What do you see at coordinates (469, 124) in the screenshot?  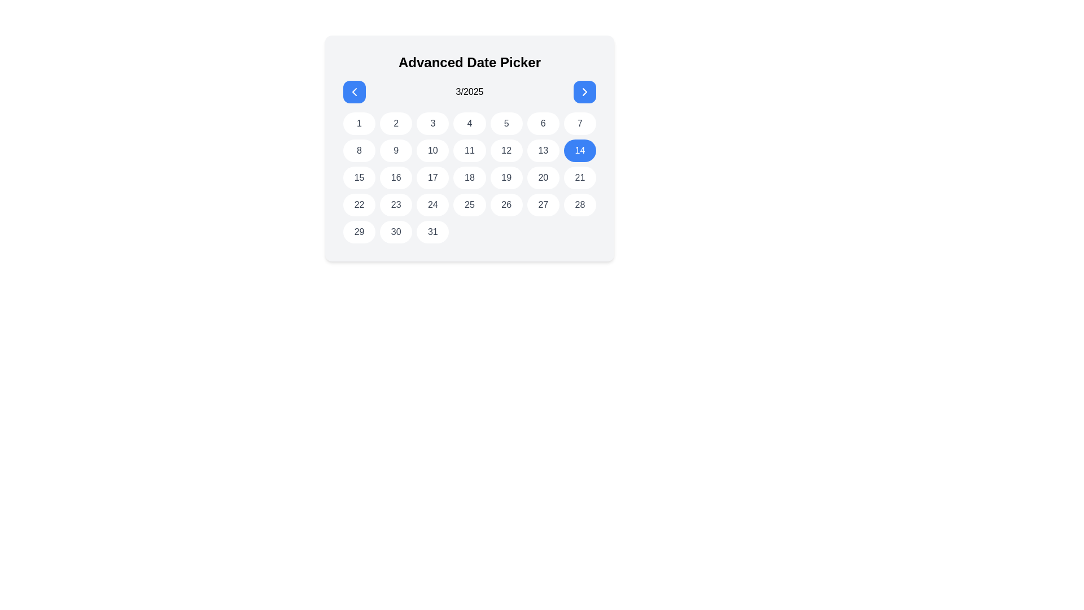 I see `the circular button displaying the number '4' with a white background and gray text` at bounding box center [469, 124].